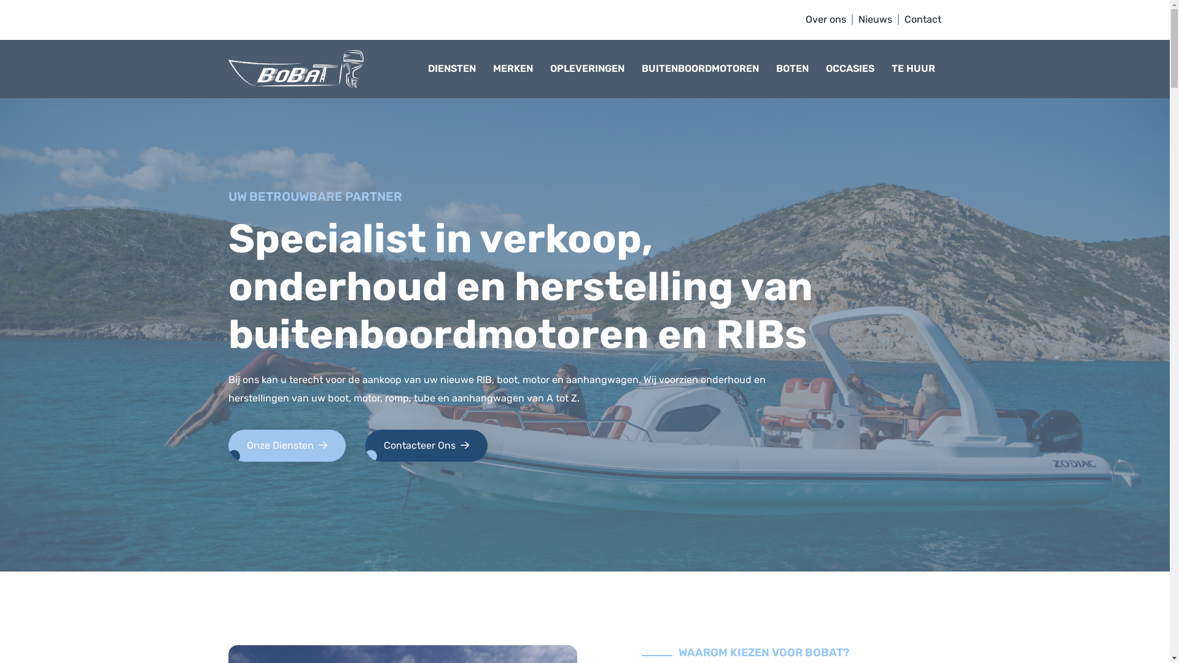 This screenshot has width=1179, height=663. What do you see at coordinates (916, 69) in the screenshot?
I see `'TE HUUR'` at bounding box center [916, 69].